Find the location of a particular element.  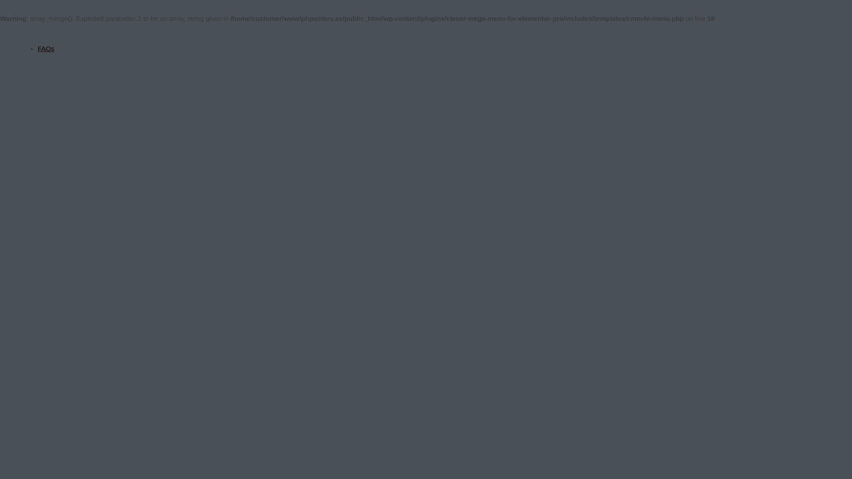

'FAQs' is located at coordinates (46, 48).